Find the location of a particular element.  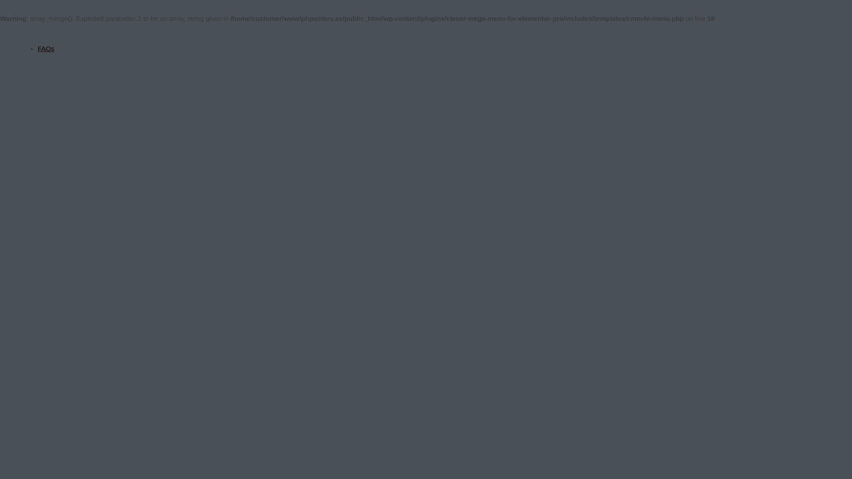

'FAQs' is located at coordinates (46, 48).